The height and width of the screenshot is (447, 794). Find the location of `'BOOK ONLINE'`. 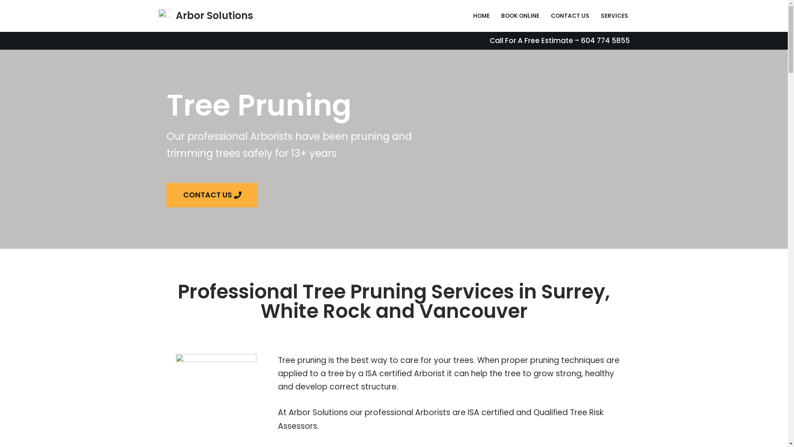

'BOOK ONLINE' is located at coordinates (519, 16).